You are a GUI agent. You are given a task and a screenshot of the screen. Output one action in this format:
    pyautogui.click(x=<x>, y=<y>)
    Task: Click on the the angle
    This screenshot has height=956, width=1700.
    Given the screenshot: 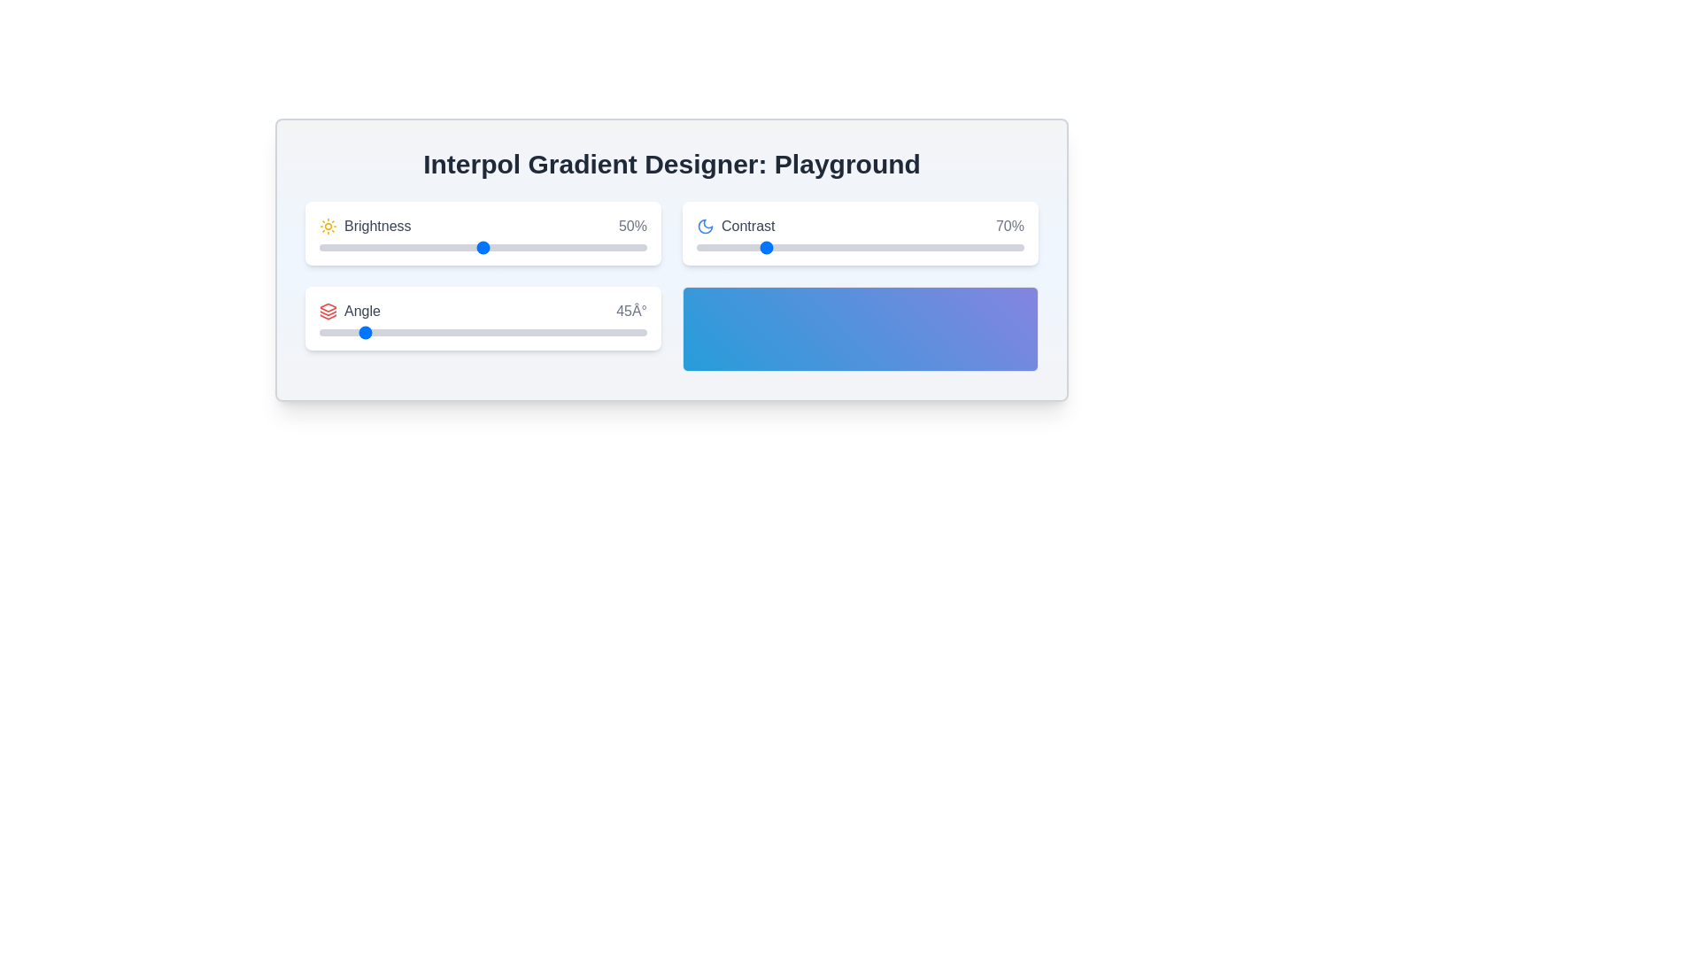 What is the action you would take?
    pyautogui.click(x=632, y=332)
    